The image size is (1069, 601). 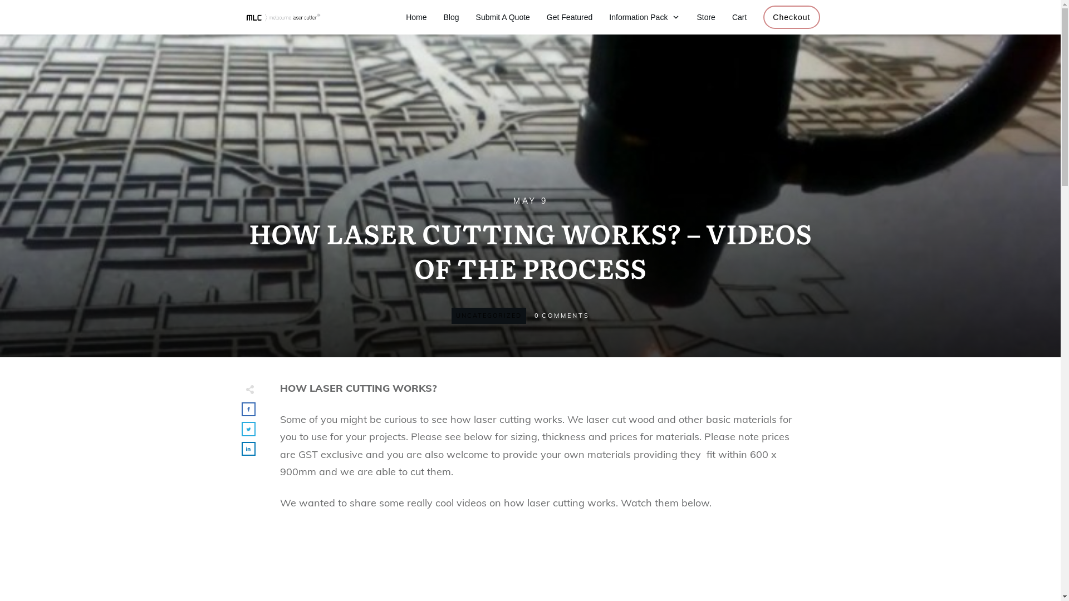 I want to click on 'Cart', so click(x=739, y=17).